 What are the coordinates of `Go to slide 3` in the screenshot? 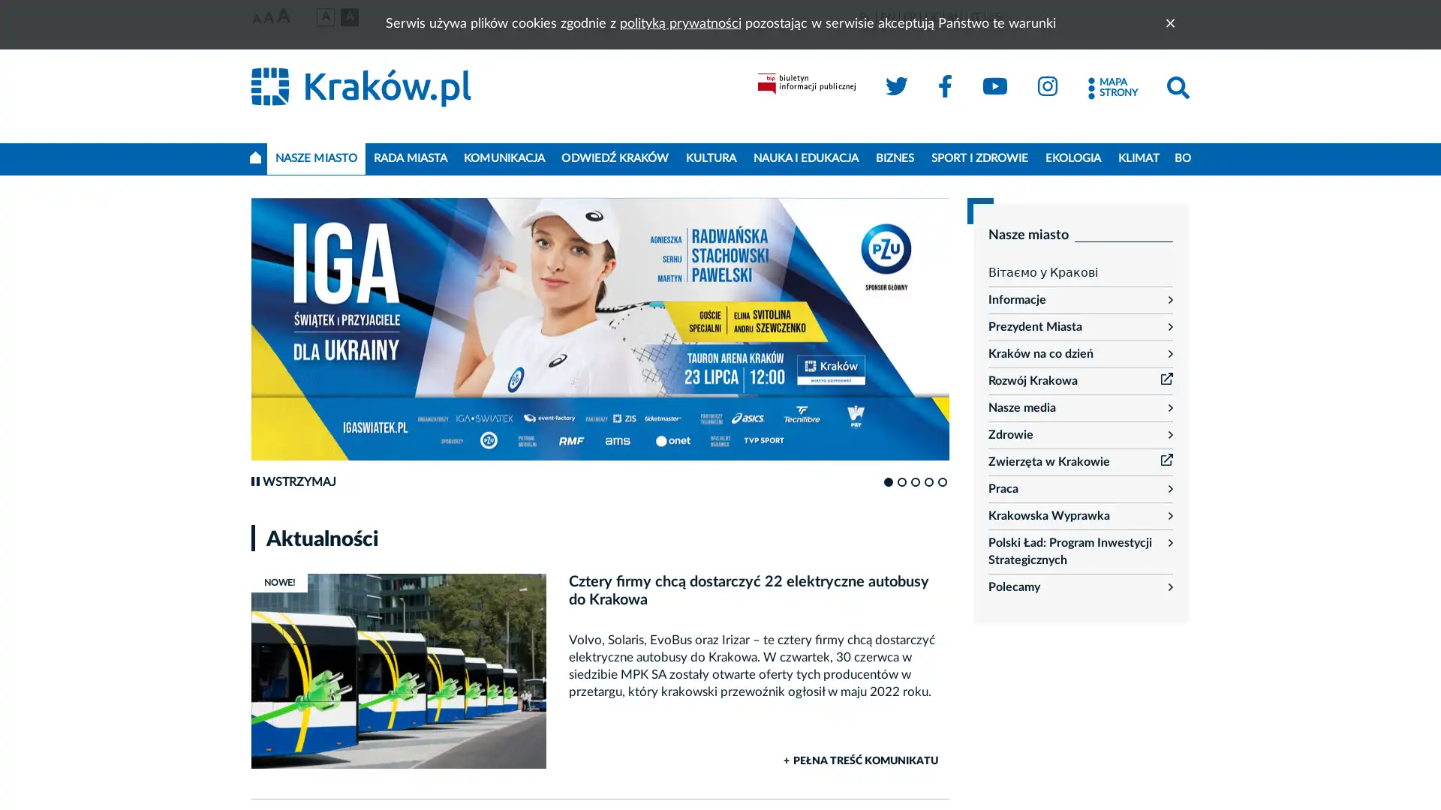 It's located at (914, 482).